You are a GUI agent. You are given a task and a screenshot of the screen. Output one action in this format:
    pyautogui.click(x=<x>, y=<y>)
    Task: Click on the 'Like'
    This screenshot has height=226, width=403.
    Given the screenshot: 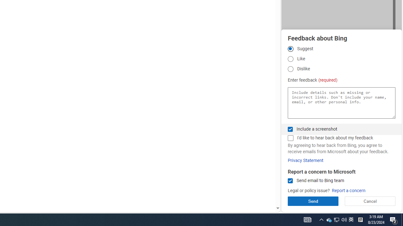 What is the action you would take?
    pyautogui.click(x=290, y=59)
    